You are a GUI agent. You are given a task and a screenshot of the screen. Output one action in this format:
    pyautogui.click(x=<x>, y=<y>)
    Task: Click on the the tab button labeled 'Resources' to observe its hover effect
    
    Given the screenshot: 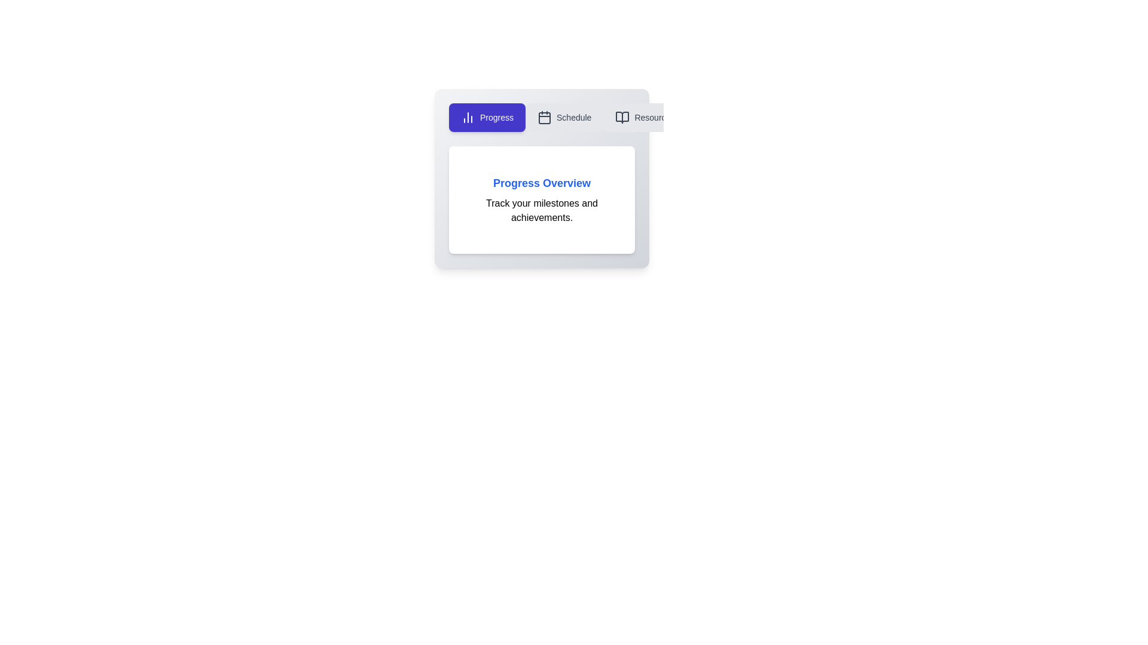 What is the action you would take?
    pyautogui.click(x=645, y=117)
    